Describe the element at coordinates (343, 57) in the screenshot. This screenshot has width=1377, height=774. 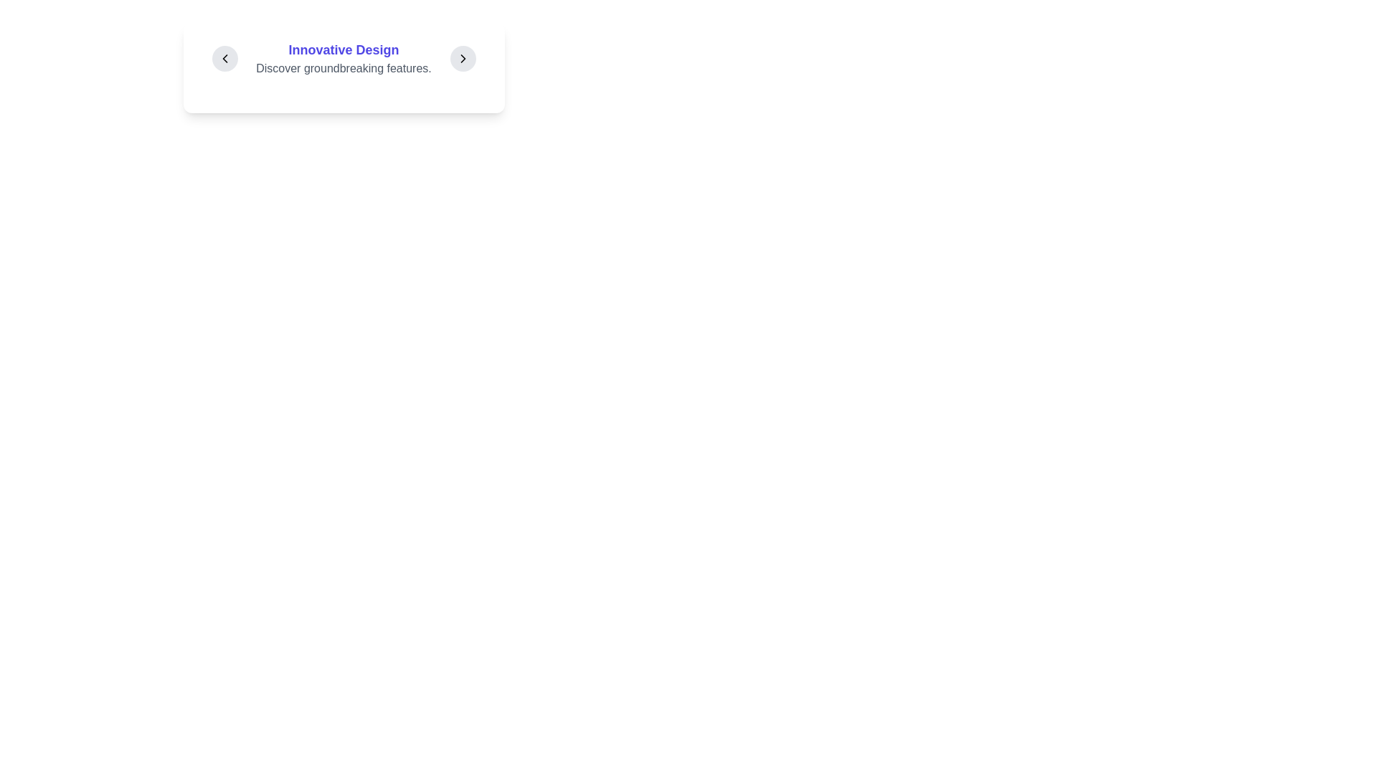
I see `the prominent text block that contains the bold indigo text 'Innovative Design' and the standard gray text 'Discover groundbreaking features.'` at that location.